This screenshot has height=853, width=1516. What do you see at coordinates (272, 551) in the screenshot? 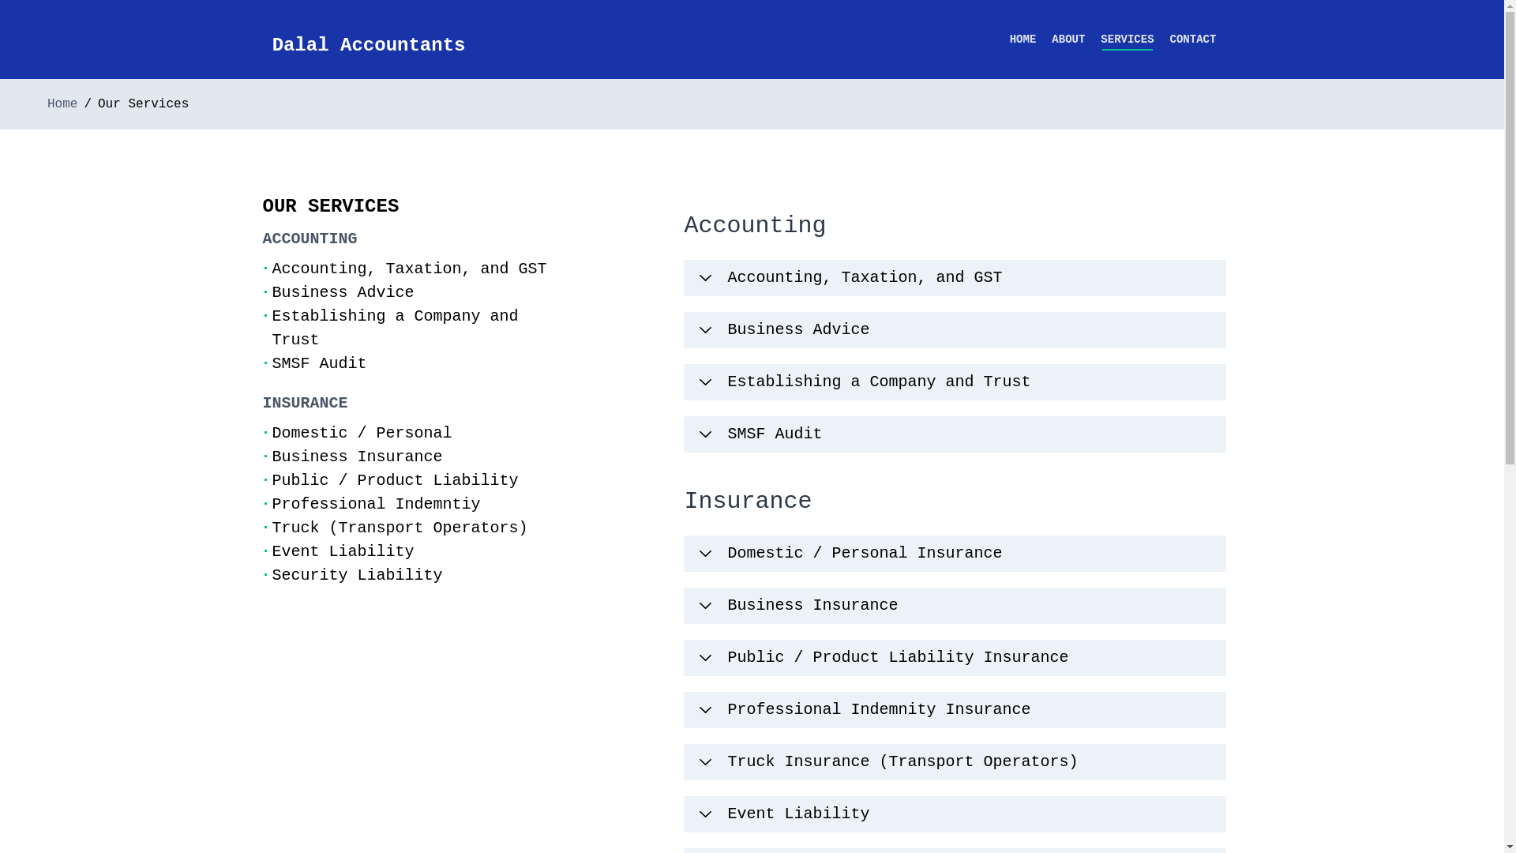
I see `'Event Liability'` at bounding box center [272, 551].